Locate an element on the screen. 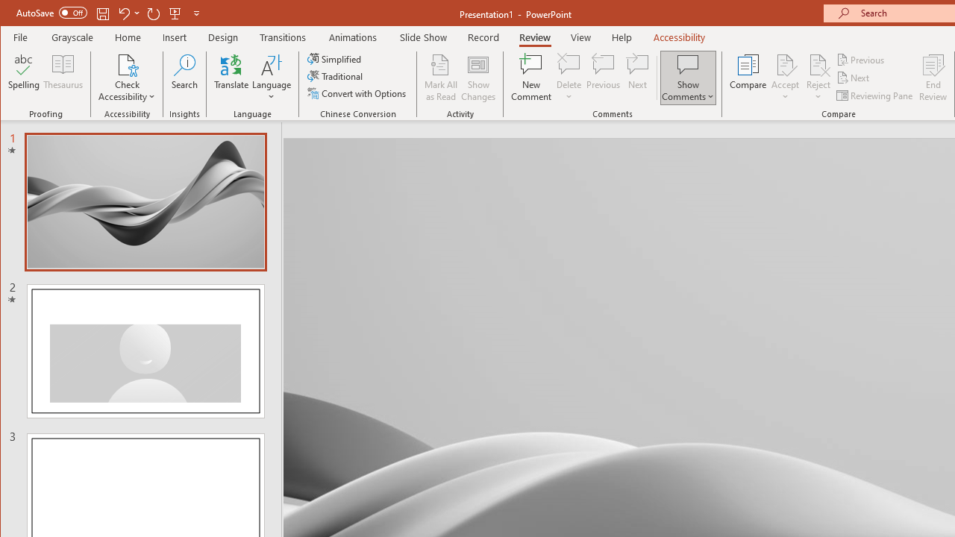 The height and width of the screenshot is (537, 955). 'Language' is located at coordinates (272, 78).